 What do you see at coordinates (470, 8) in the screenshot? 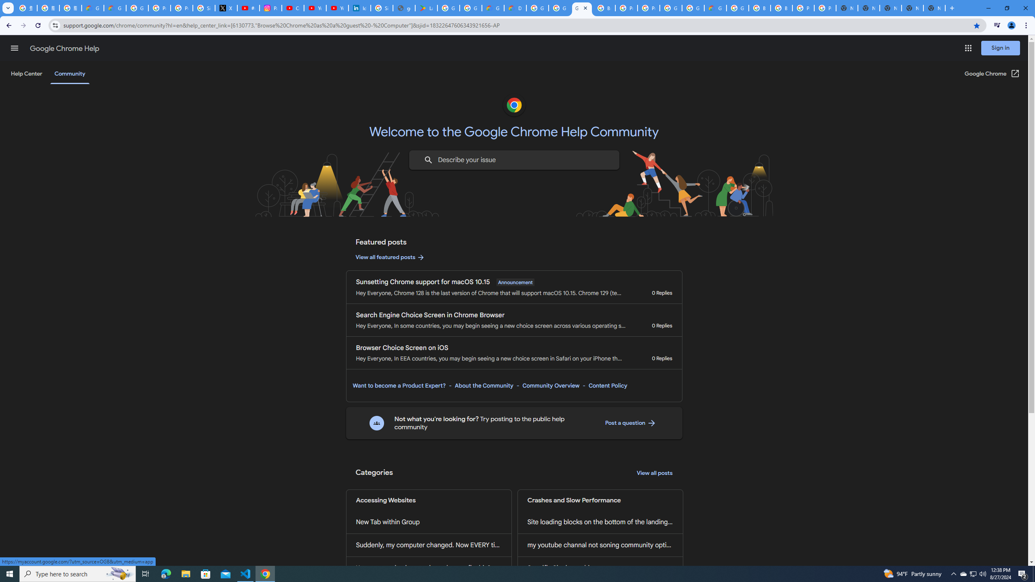
I see `'Google Workspace - Specific Terms'` at bounding box center [470, 8].